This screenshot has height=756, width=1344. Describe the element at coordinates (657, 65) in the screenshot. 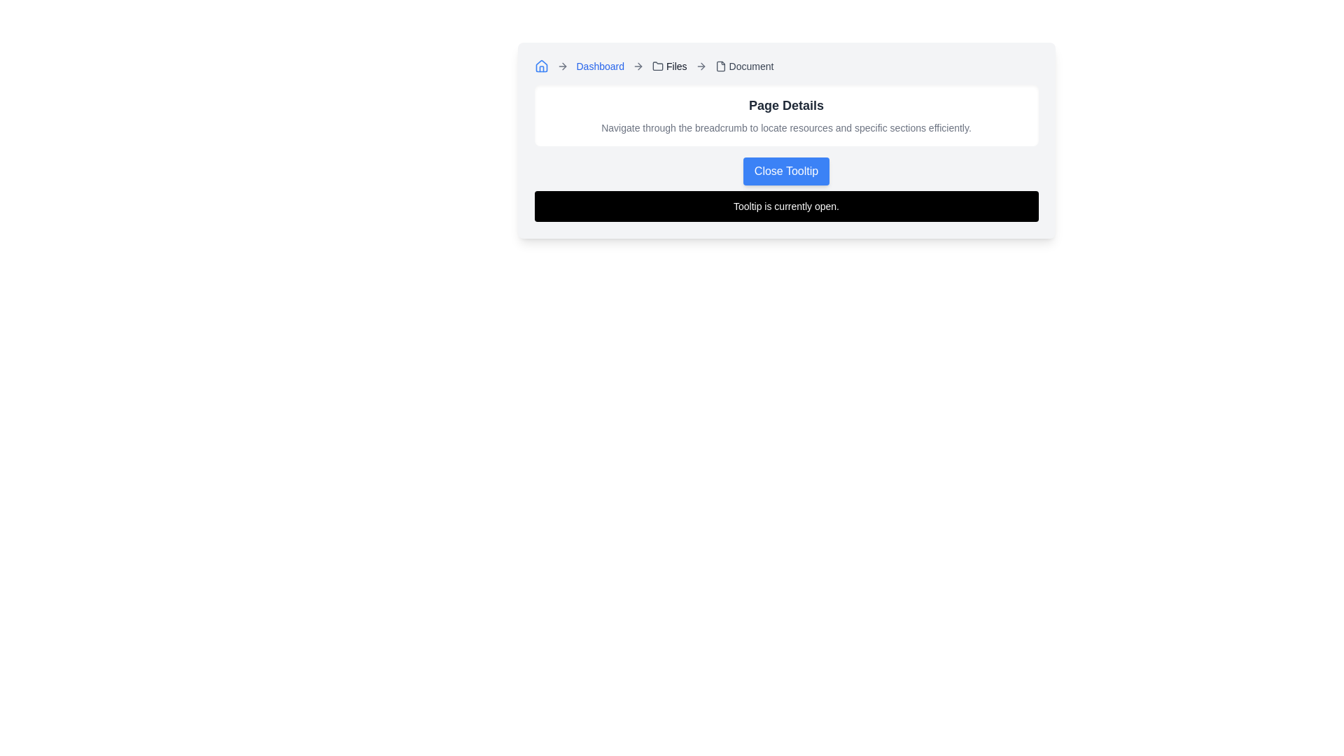

I see `the visual effect of the folder icon in the breadcrumb navigation bar that represents the 'Files' section` at that location.